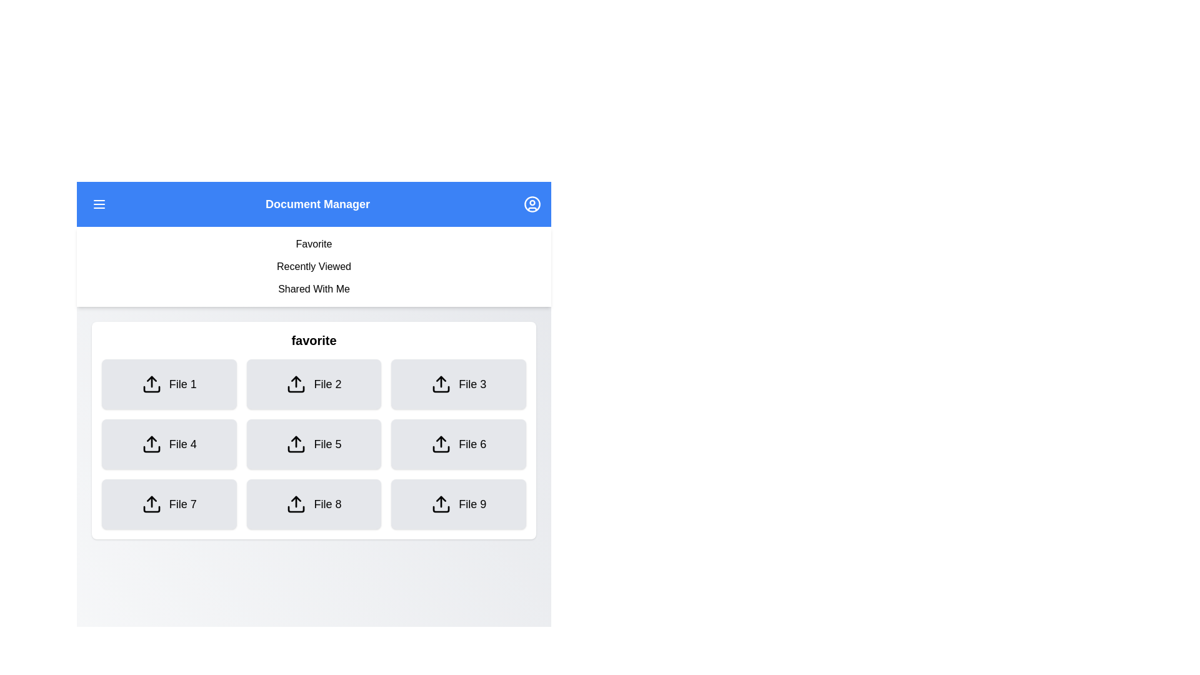  I want to click on the user profile icon in the top-right corner, so click(532, 204).